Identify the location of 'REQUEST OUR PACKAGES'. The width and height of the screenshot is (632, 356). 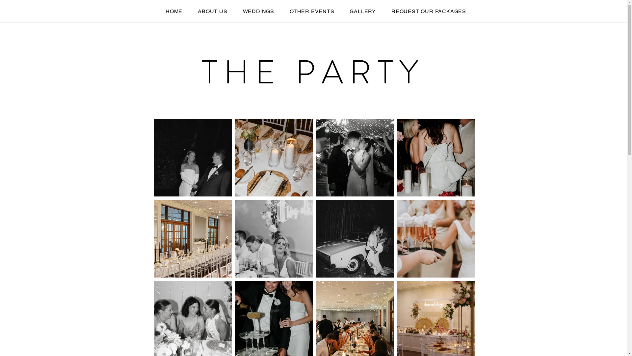
(429, 11).